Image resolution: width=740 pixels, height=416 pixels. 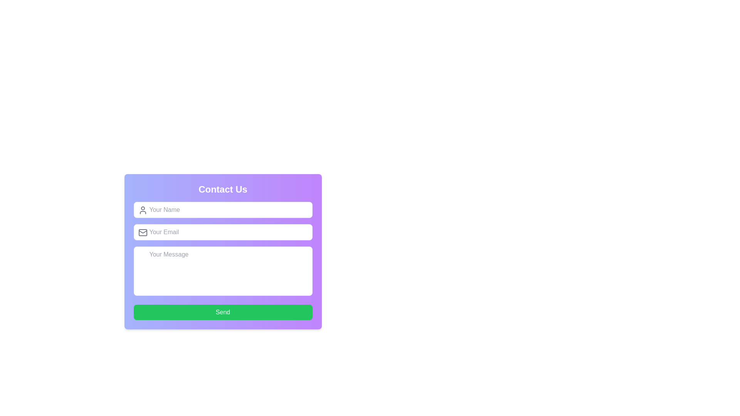 What do you see at coordinates (222, 312) in the screenshot?
I see `the submit button at the bottom of the form` at bounding box center [222, 312].